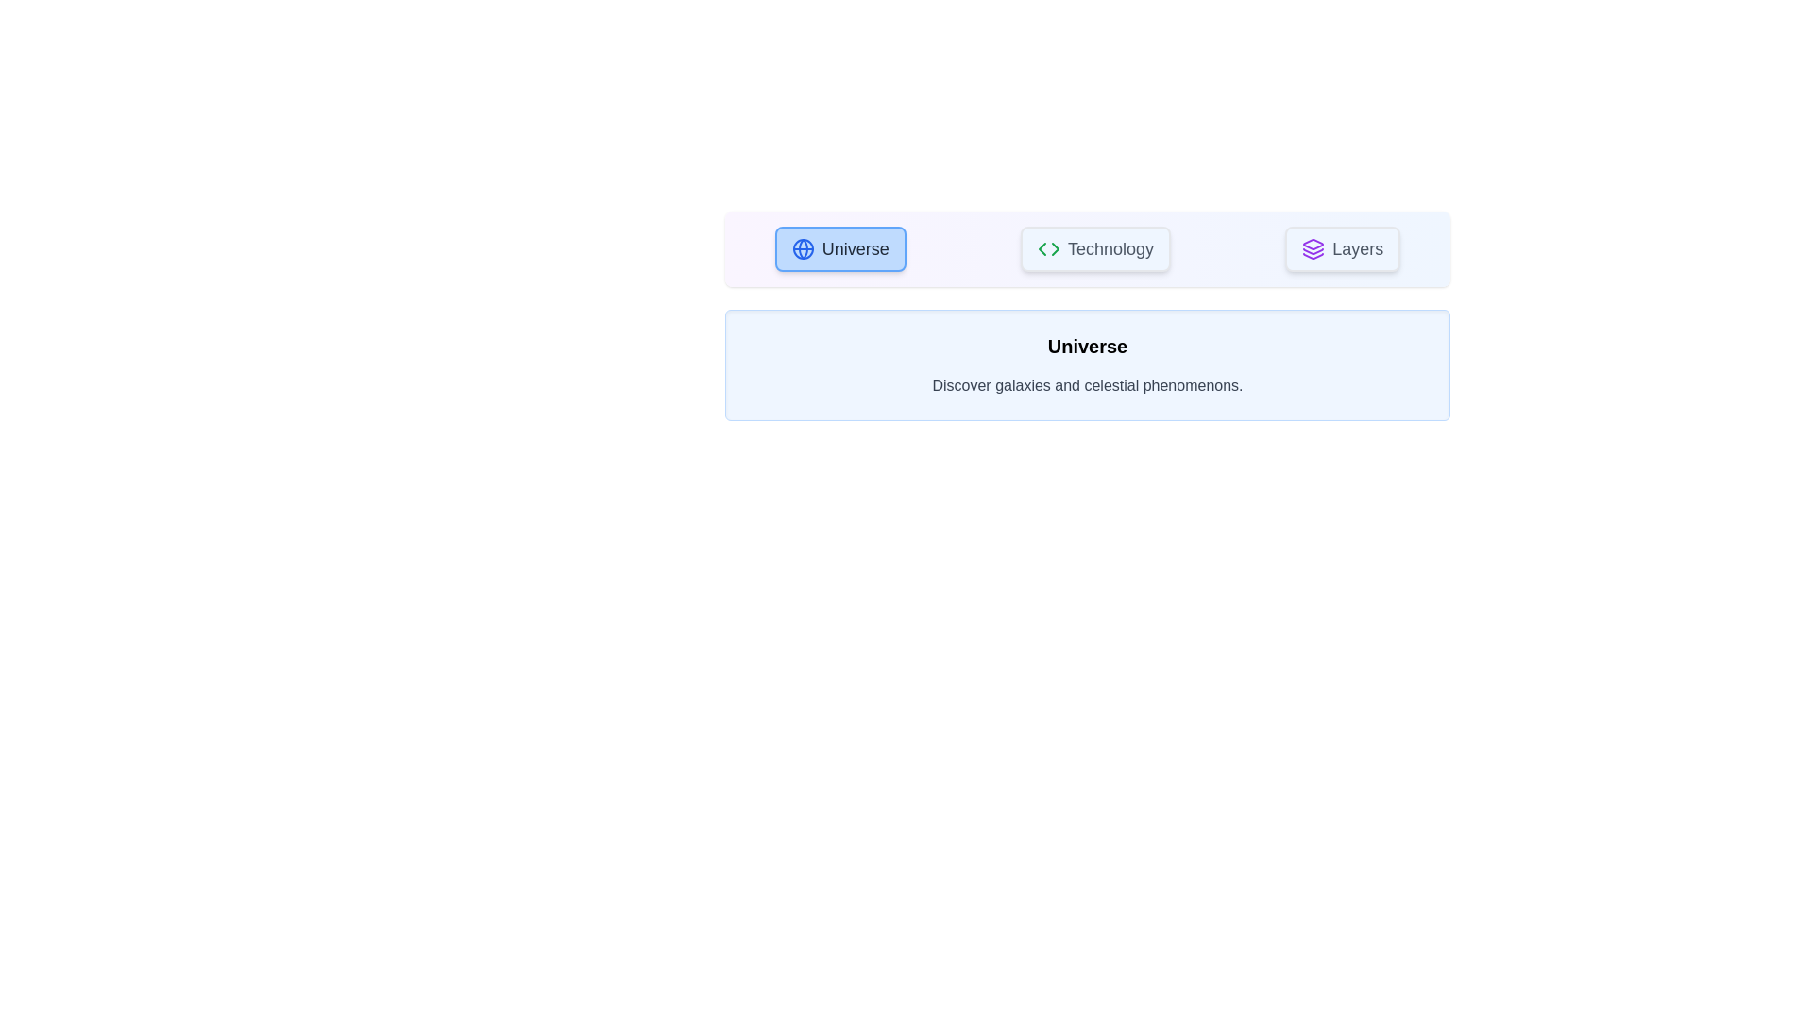 The image size is (1813, 1020). Describe the element at coordinates (803, 247) in the screenshot. I see `the icon of the Universe tab` at that location.